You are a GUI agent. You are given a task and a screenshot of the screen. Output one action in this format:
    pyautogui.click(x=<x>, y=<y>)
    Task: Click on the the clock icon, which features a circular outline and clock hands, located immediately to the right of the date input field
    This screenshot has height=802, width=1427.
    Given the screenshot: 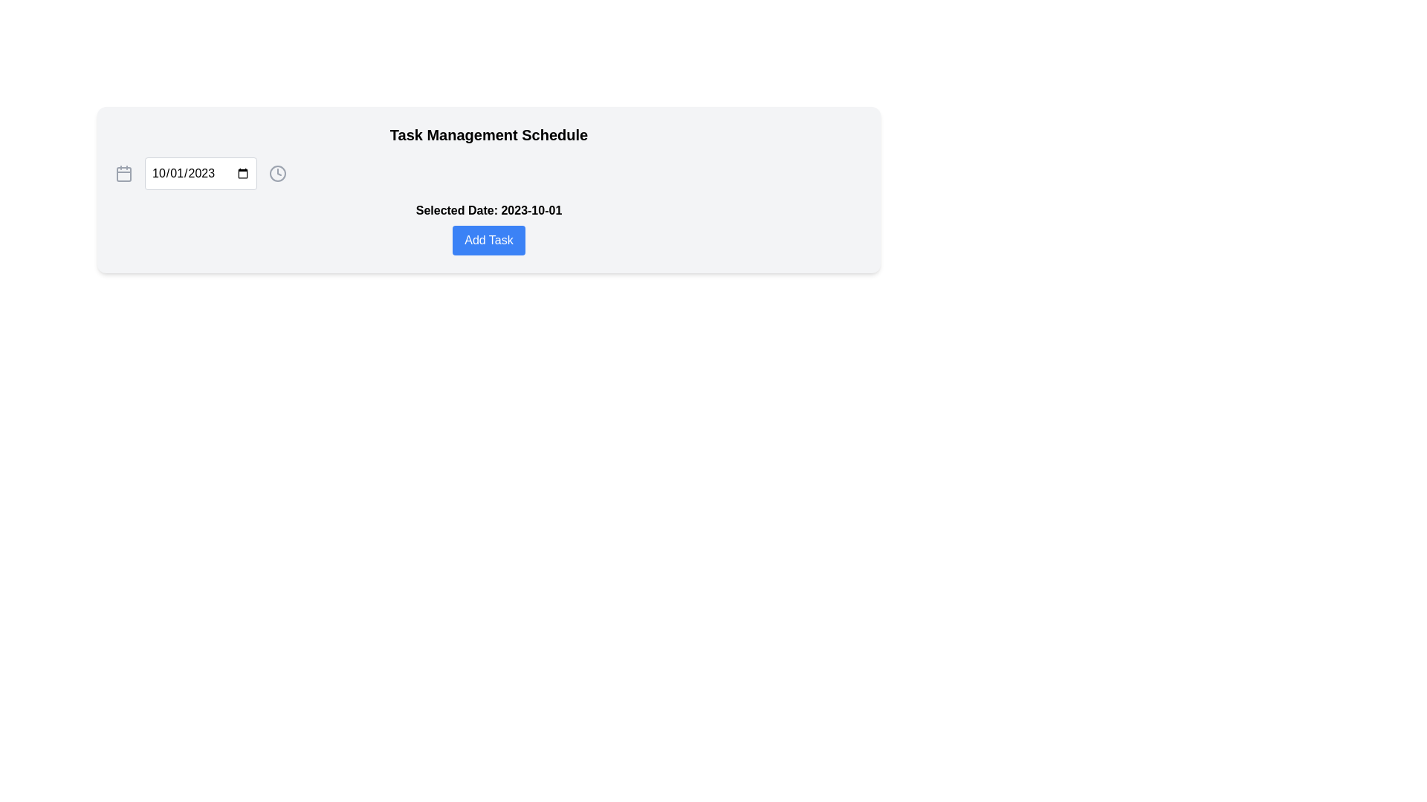 What is the action you would take?
    pyautogui.click(x=278, y=173)
    